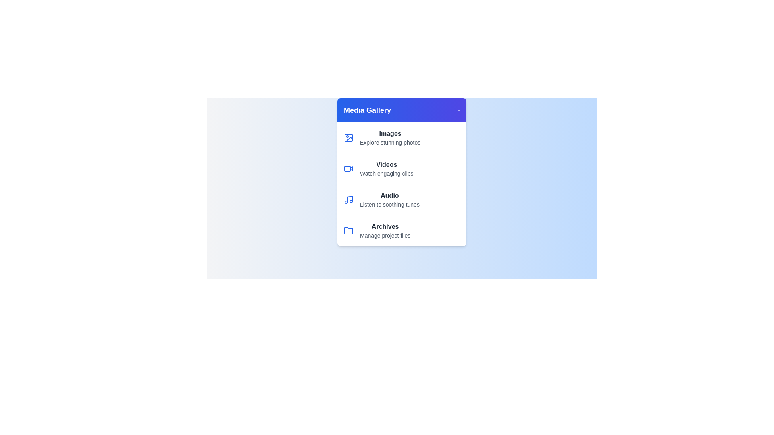 This screenshot has height=435, width=774. What do you see at coordinates (402, 137) in the screenshot?
I see `the media category item labeled 'Images' to observe hover effects` at bounding box center [402, 137].